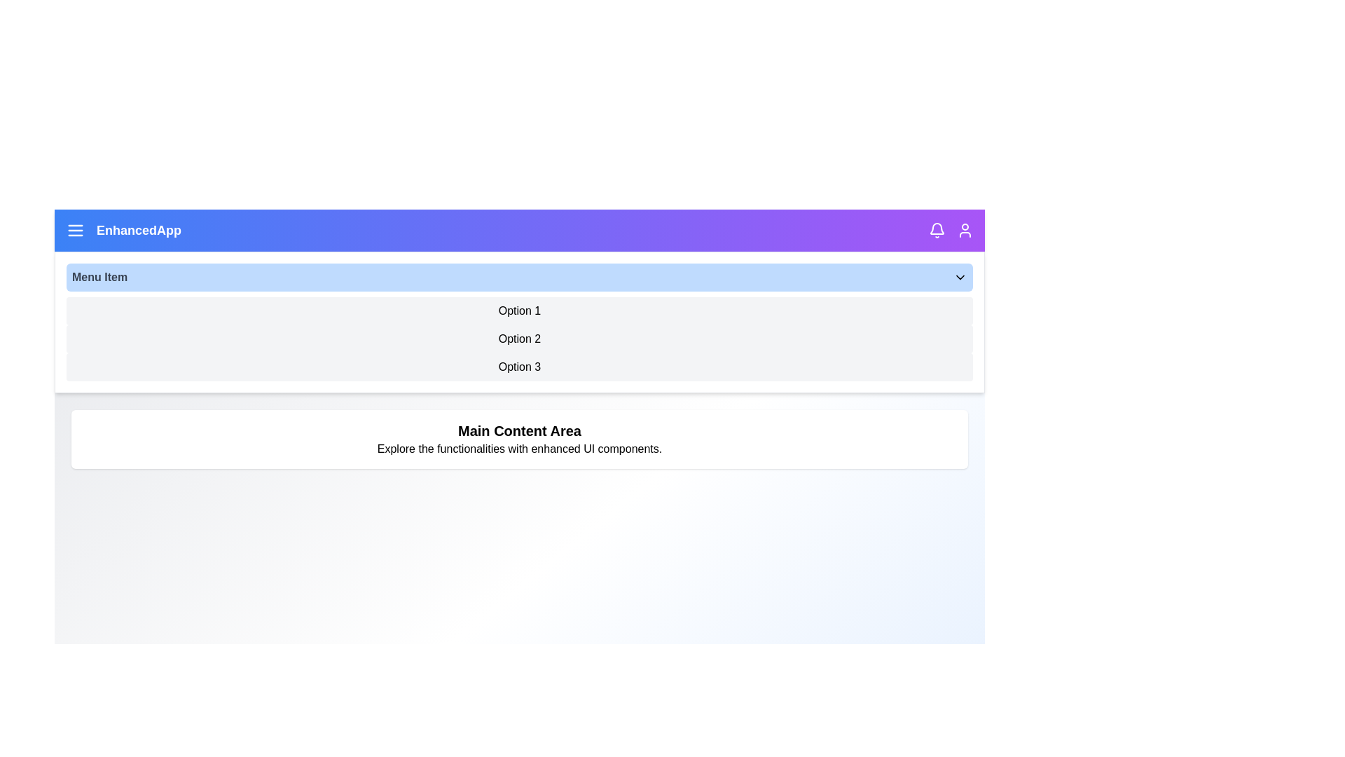  I want to click on the dropdown option Option 3, so click(519, 367).